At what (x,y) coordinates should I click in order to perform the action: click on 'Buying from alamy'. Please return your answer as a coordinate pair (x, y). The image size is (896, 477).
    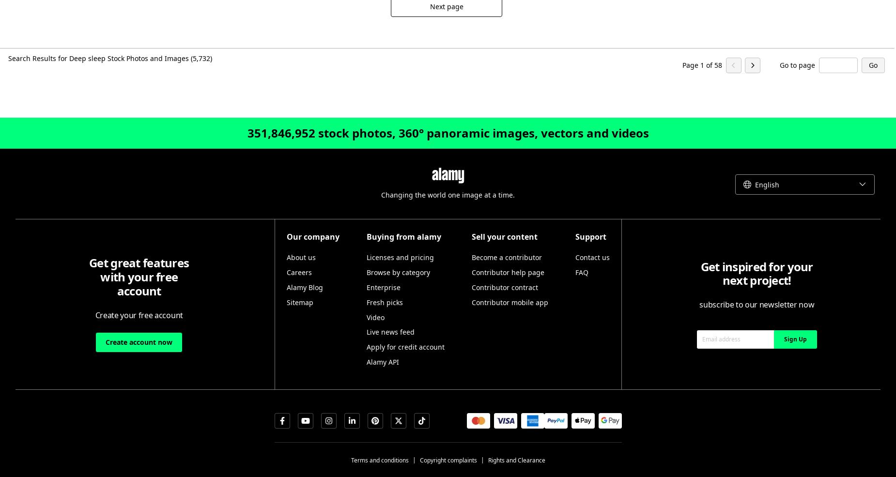
    Looking at the image, I should click on (403, 236).